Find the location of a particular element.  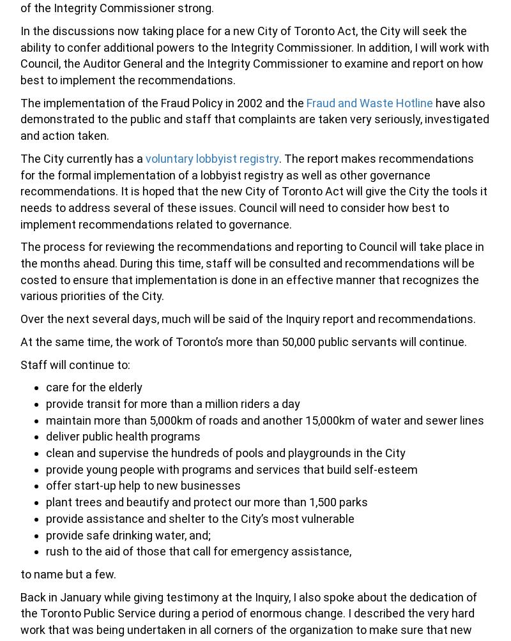

'provide transit for more than a million riders a day' is located at coordinates (172, 402).